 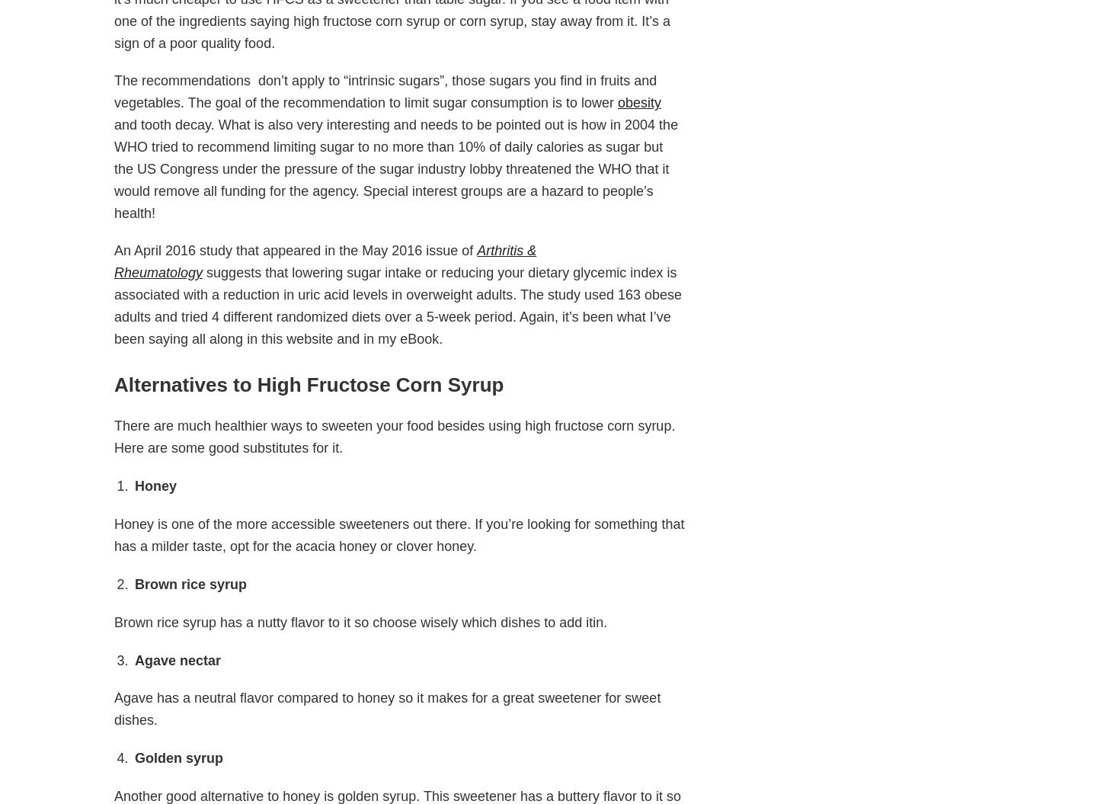 I want to click on 'Arthritis & Rheumatology', so click(x=325, y=261).